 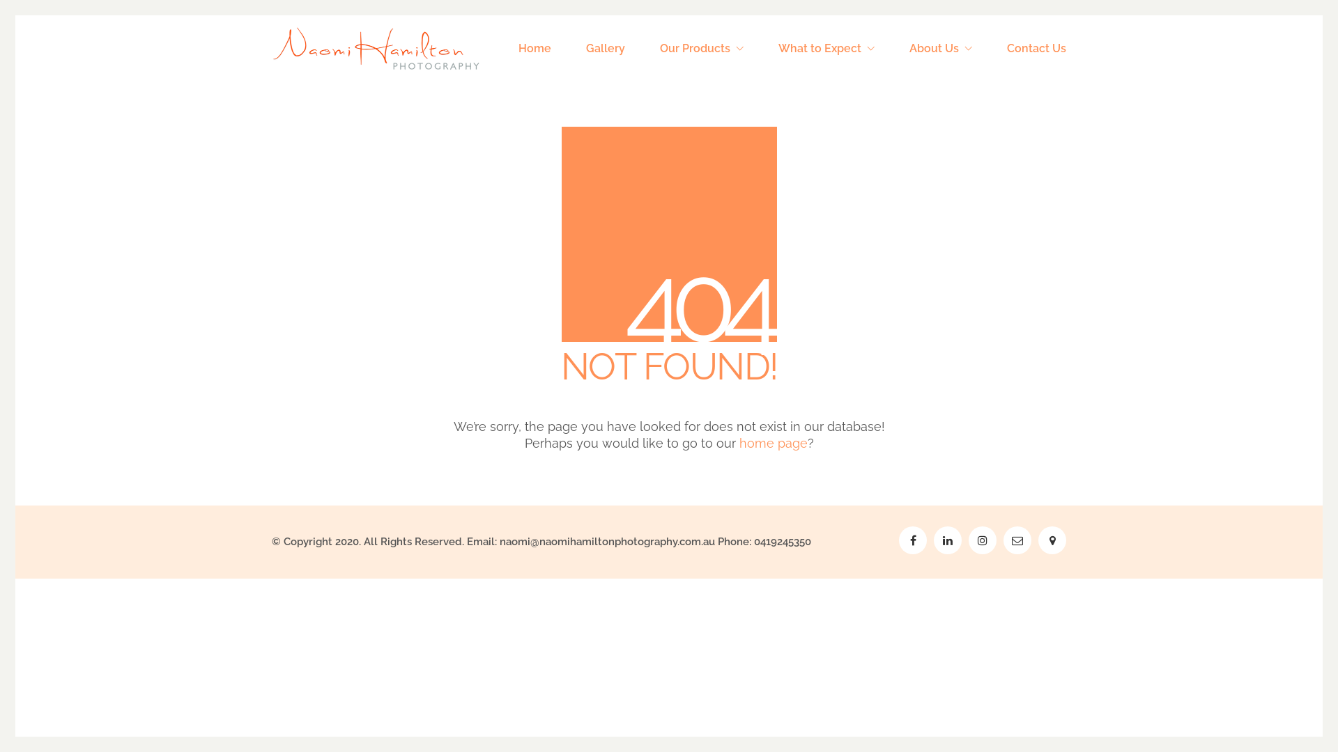 What do you see at coordinates (605, 47) in the screenshot?
I see `'Gallery'` at bounding box center [605, 47].